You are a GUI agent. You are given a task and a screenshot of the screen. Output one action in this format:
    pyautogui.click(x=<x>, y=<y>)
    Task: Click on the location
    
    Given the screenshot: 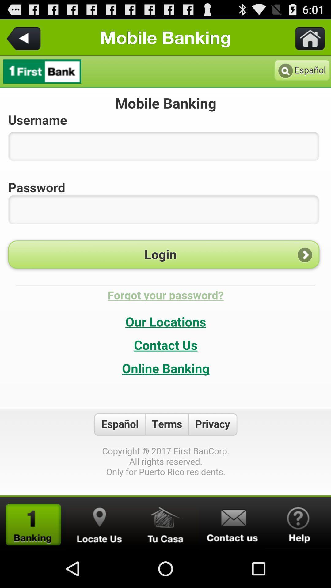 What is the action you would take?
    pyautogui.click(x=99, y=523)
    